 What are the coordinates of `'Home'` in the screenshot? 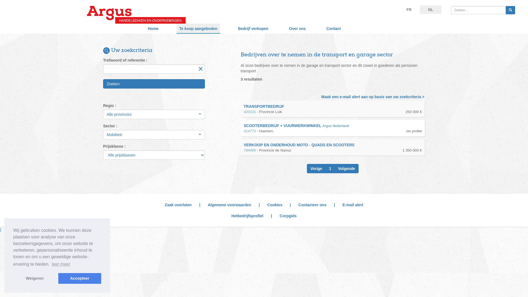 It's located at (153, 29).